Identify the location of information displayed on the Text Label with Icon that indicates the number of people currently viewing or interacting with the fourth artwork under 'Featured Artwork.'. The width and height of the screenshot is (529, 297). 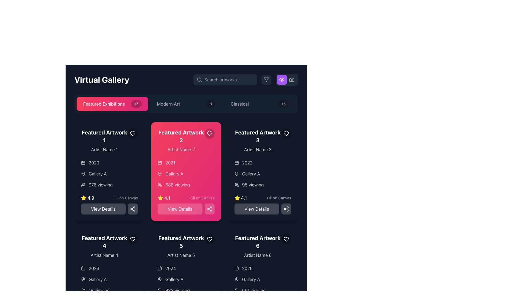
(109, 290).